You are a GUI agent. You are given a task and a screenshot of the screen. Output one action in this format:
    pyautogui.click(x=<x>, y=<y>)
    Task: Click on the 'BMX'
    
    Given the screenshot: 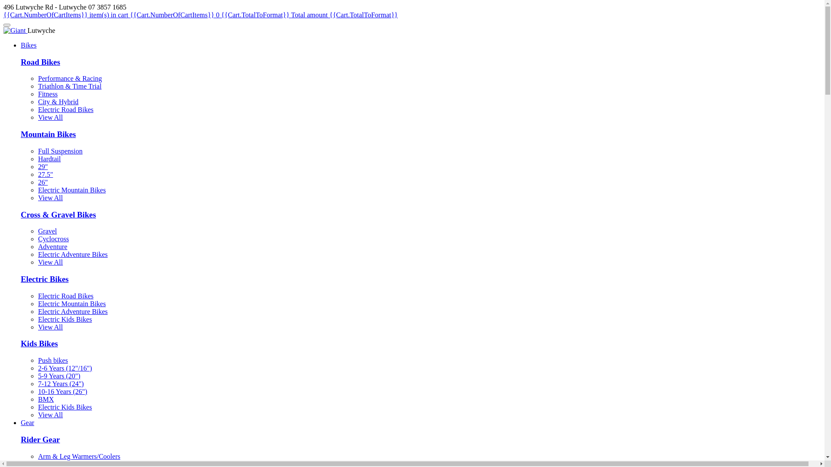 What is the action you would take?
    pyautogui.click(x=45, y=399)
    